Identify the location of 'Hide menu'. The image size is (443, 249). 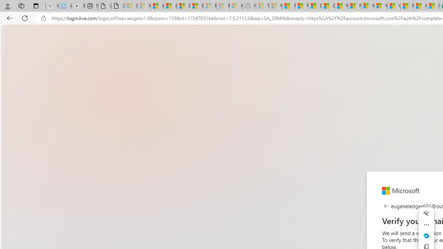
(426, 213).